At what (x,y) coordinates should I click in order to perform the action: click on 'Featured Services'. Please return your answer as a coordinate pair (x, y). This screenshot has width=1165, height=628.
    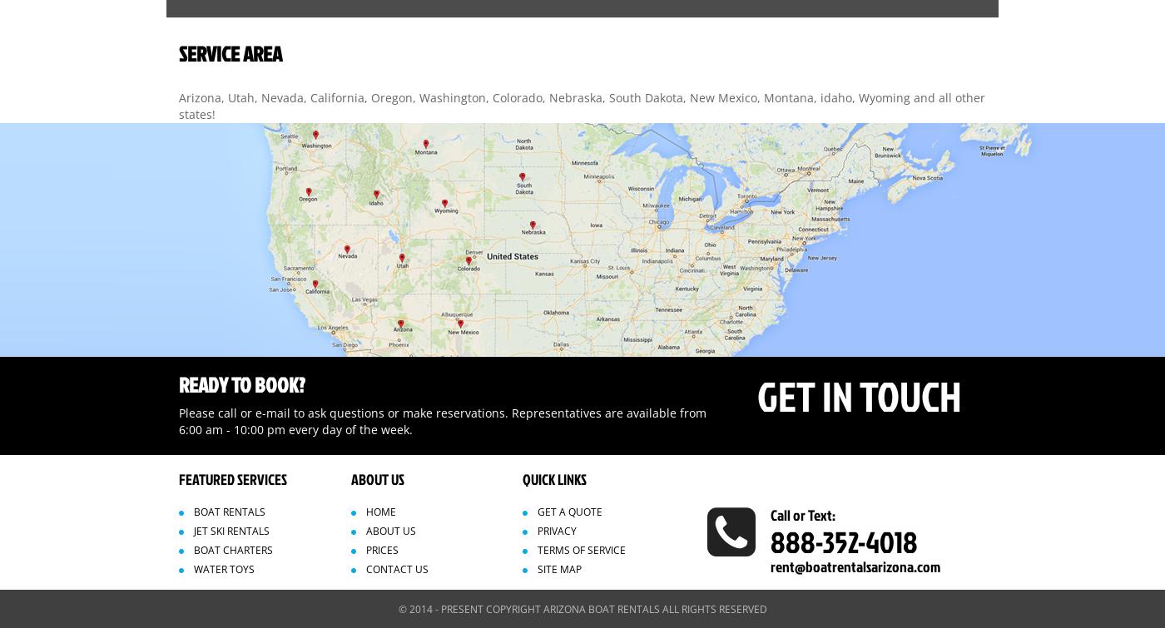
    Looking at the image, I should click on (233, 477).